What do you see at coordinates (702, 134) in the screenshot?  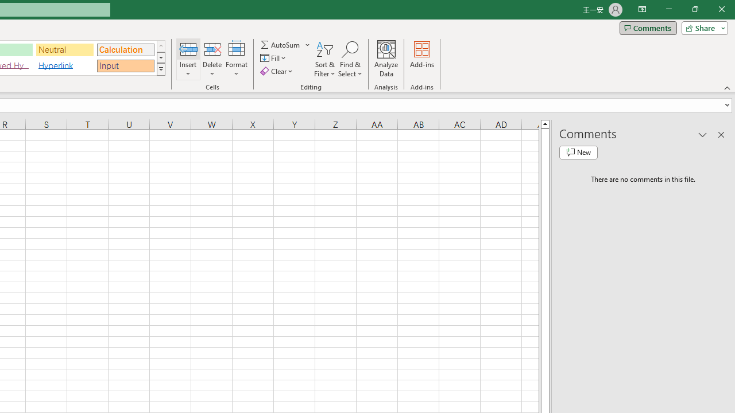 I see `'Task Pane Options'` at bounding box center [702, 134].